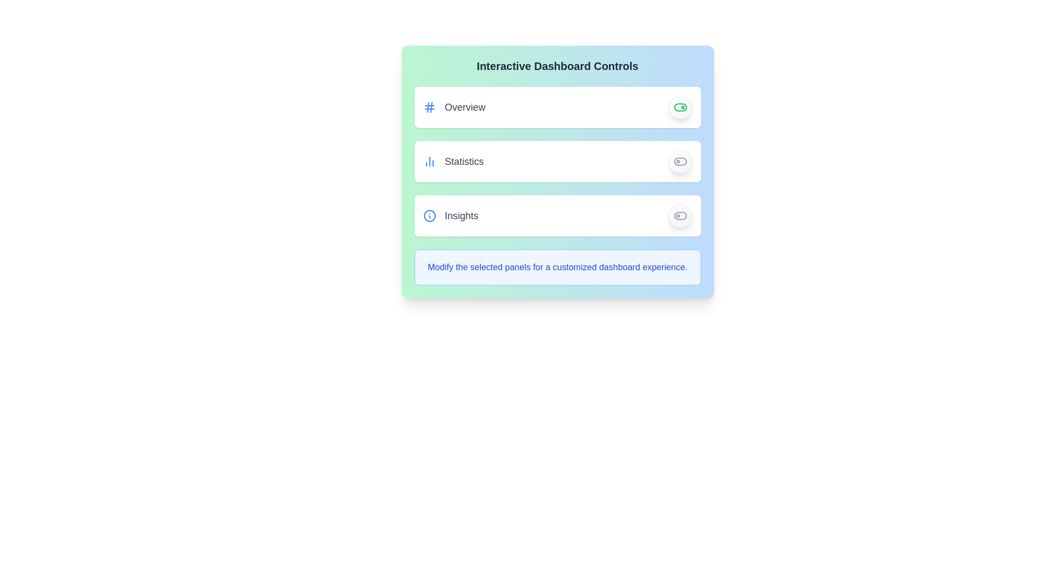 The height and width of the screenshot is (586, 1042). I want to click on the 'Statistics' menu item, which is the second option in a vertical stack of three menu options, so click(557, 161).